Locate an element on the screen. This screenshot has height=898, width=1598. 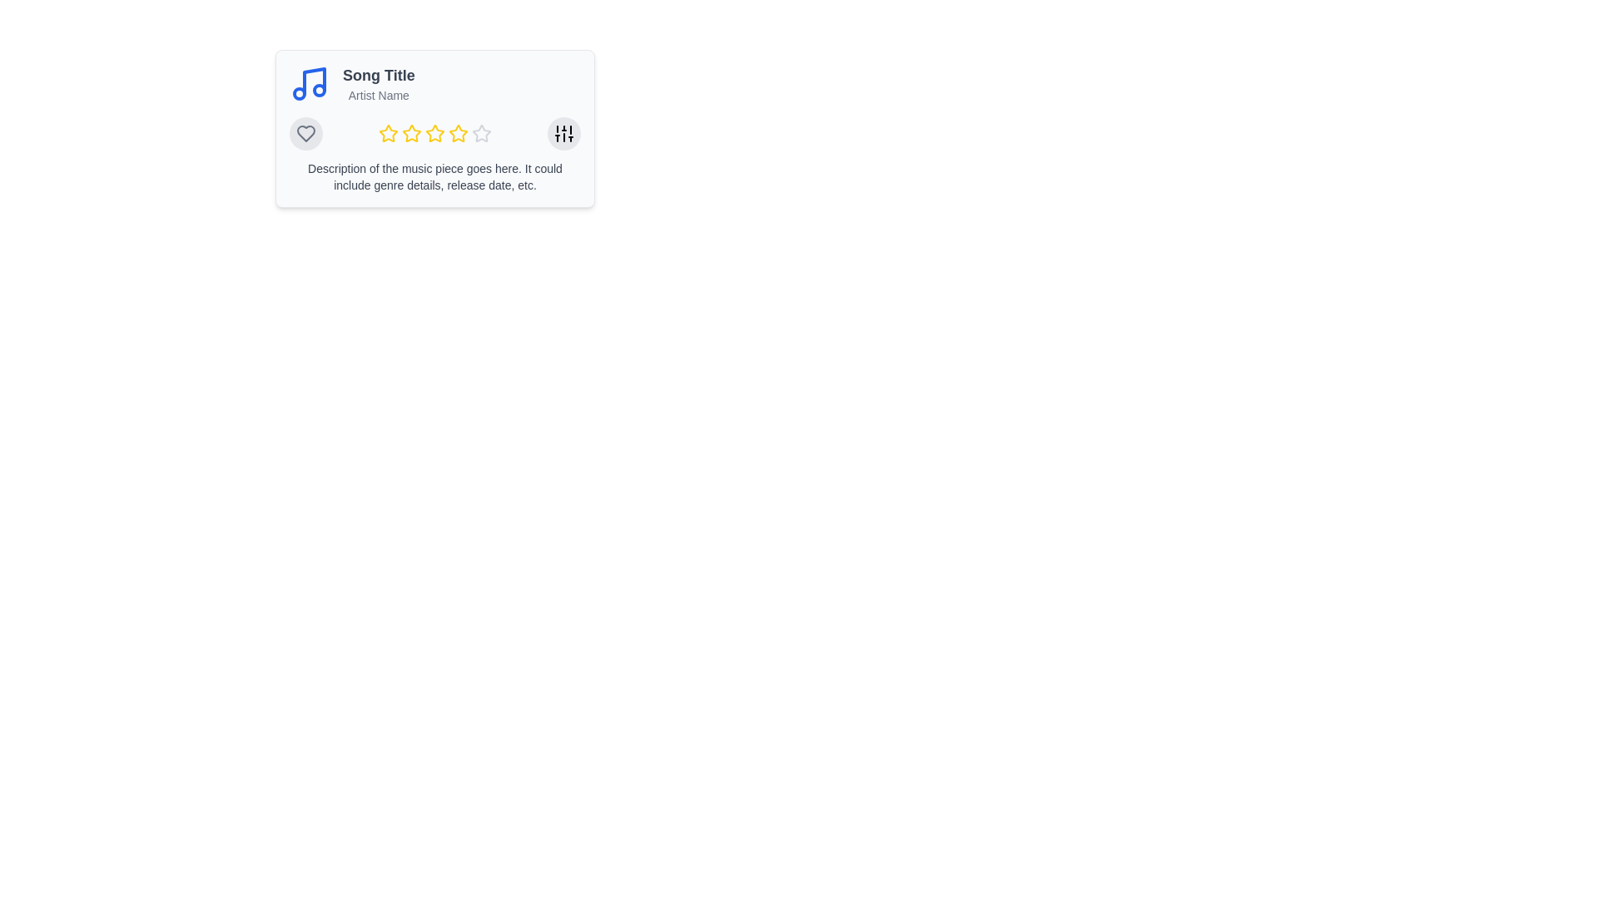
the Decorative SVG circle that serves as a decorative detail within the music icon, positioned slightly lower and towards the right inside the musical note's icon area is located at coordinates (320, 90).